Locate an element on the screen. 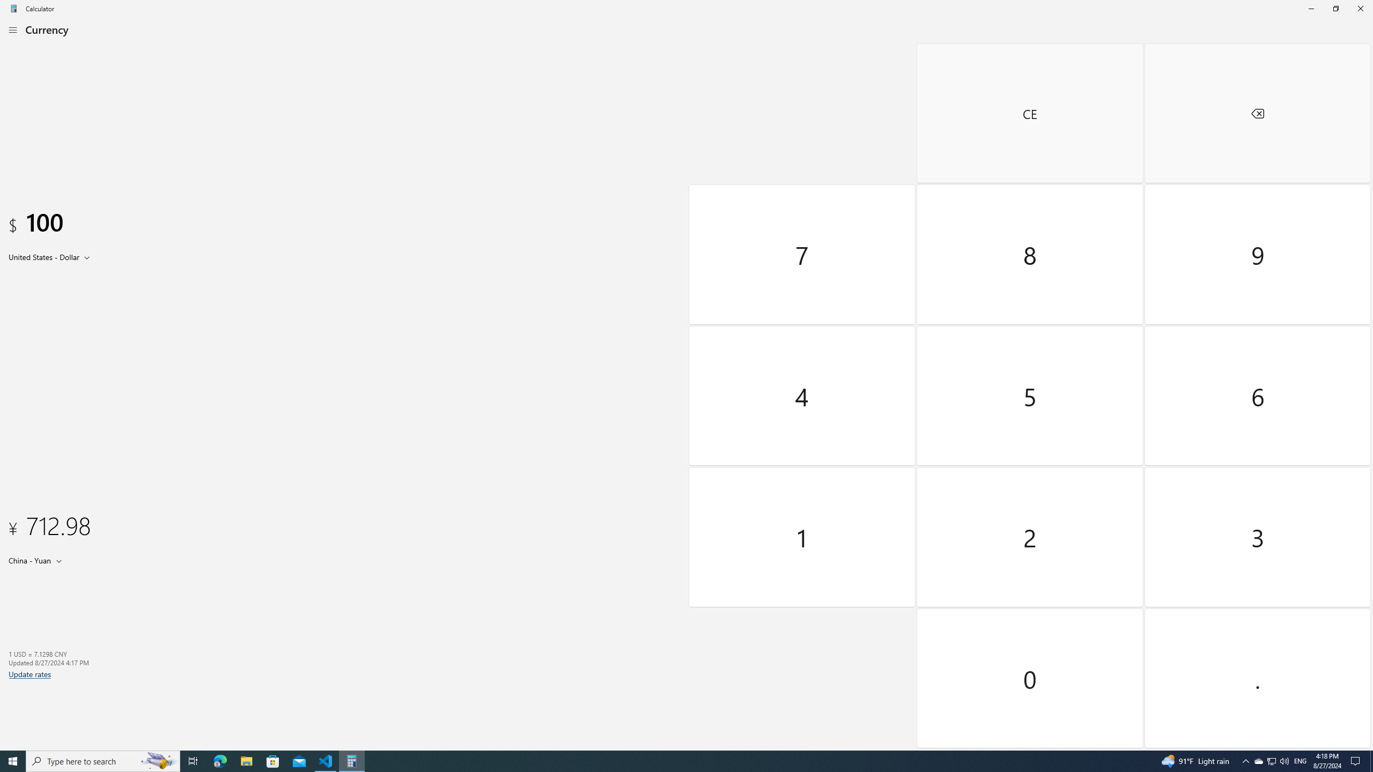 Image resolution: width=1373 pixels, height=772 pixels. 'United States Dollar' is located at coordinates (43, 256).